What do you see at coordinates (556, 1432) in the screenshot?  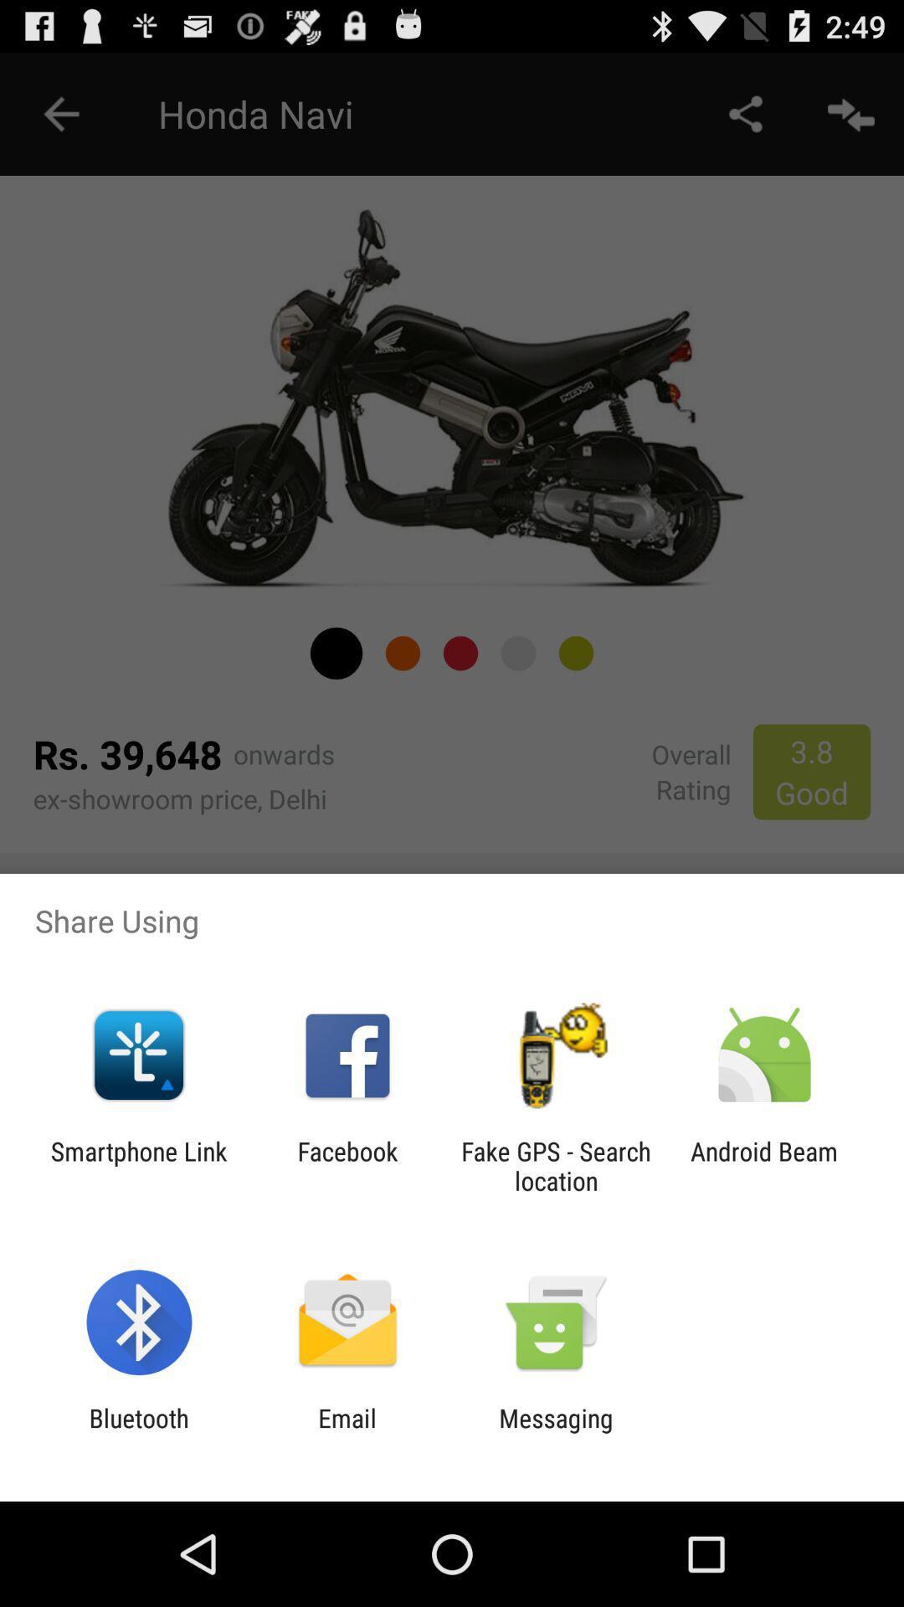 I see `icon to the right of email item` at bounding box center [556, 1432].